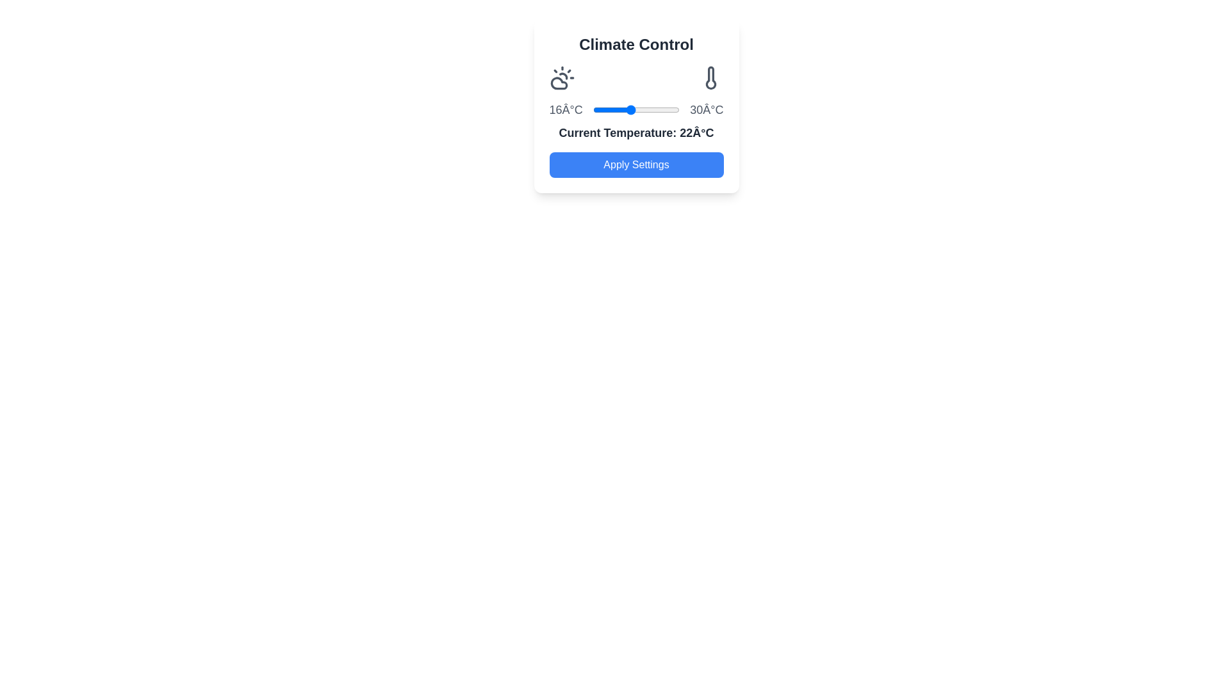  Describe the element at coordinates (636, 109) in the screenshot. I see `the blue circular thumb of the horizontal slider control located between the '16°C' and '30°C' indicators` at that location.